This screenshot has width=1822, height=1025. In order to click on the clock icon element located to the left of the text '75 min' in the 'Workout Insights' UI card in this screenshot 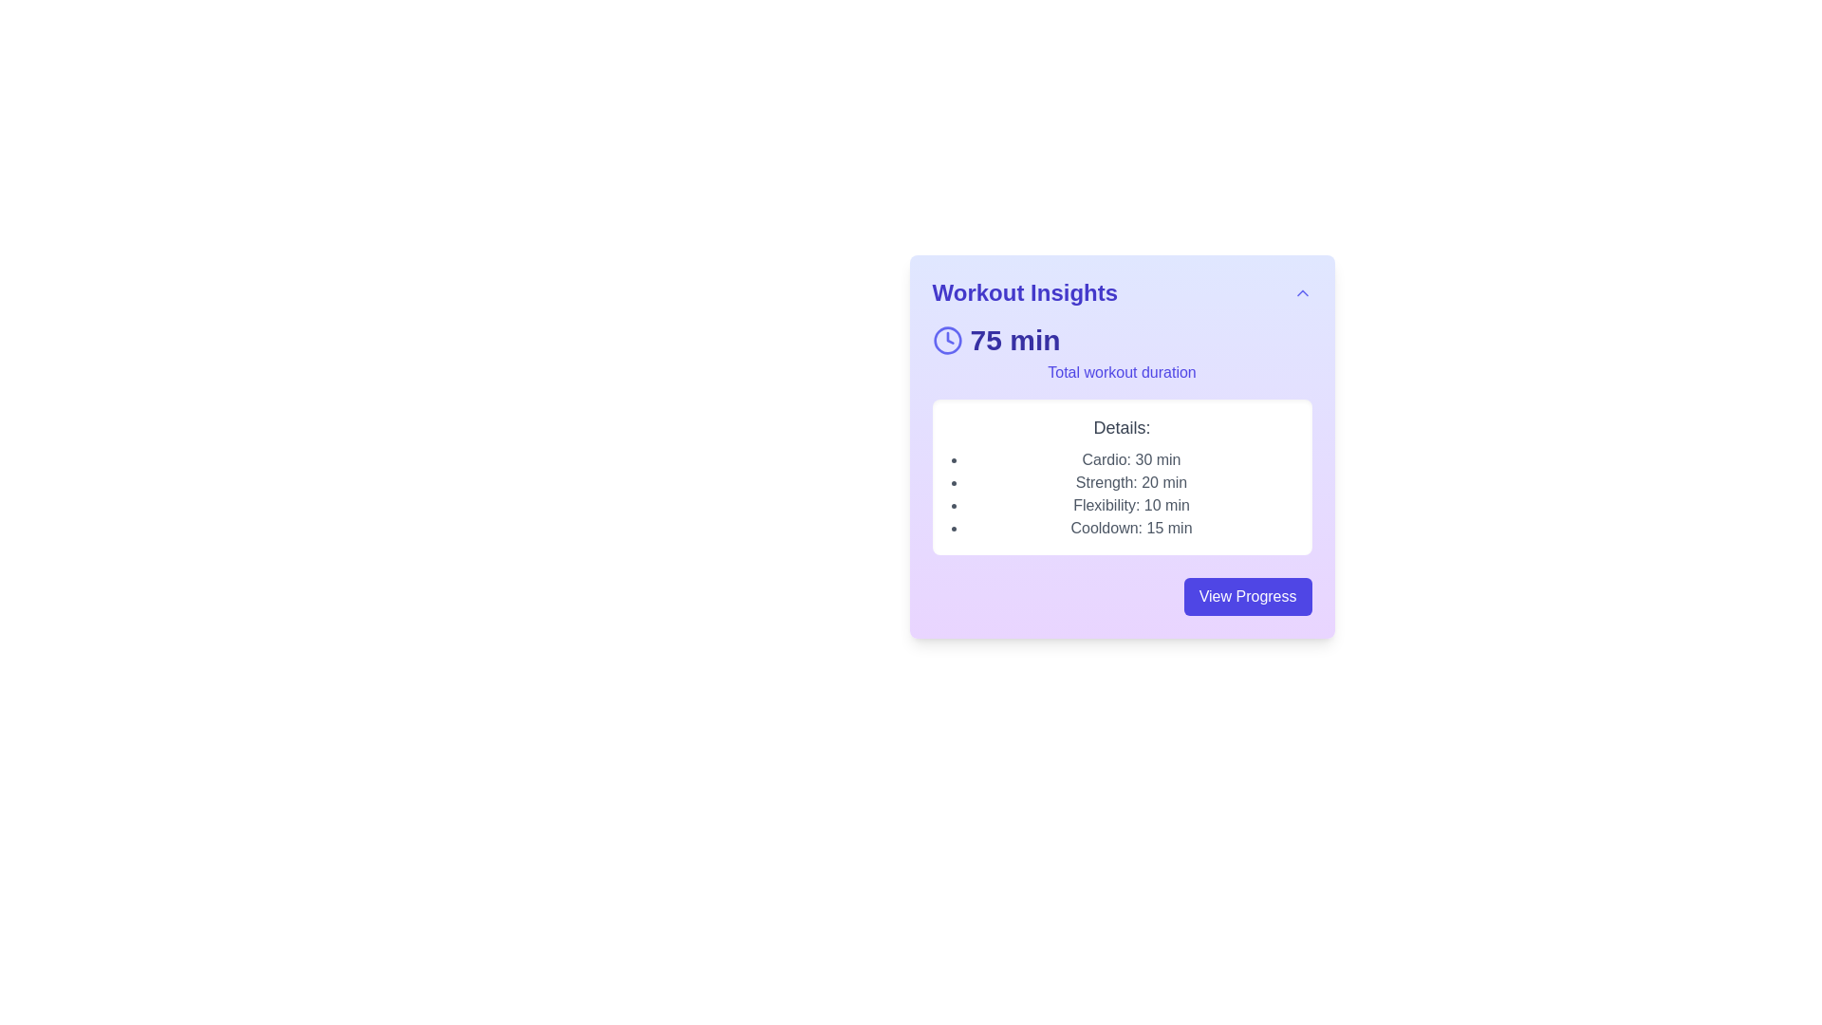, I will do `click(947, 339)`.